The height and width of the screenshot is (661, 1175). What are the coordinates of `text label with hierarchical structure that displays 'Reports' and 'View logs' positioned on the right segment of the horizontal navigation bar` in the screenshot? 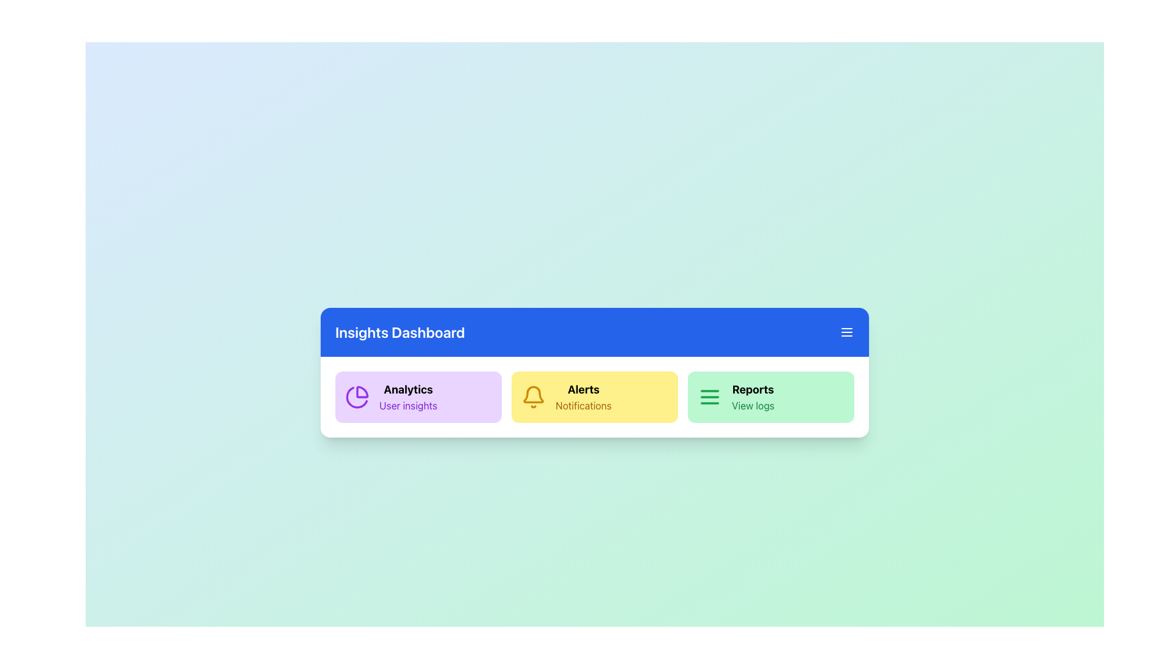 It's located at (752, 397).